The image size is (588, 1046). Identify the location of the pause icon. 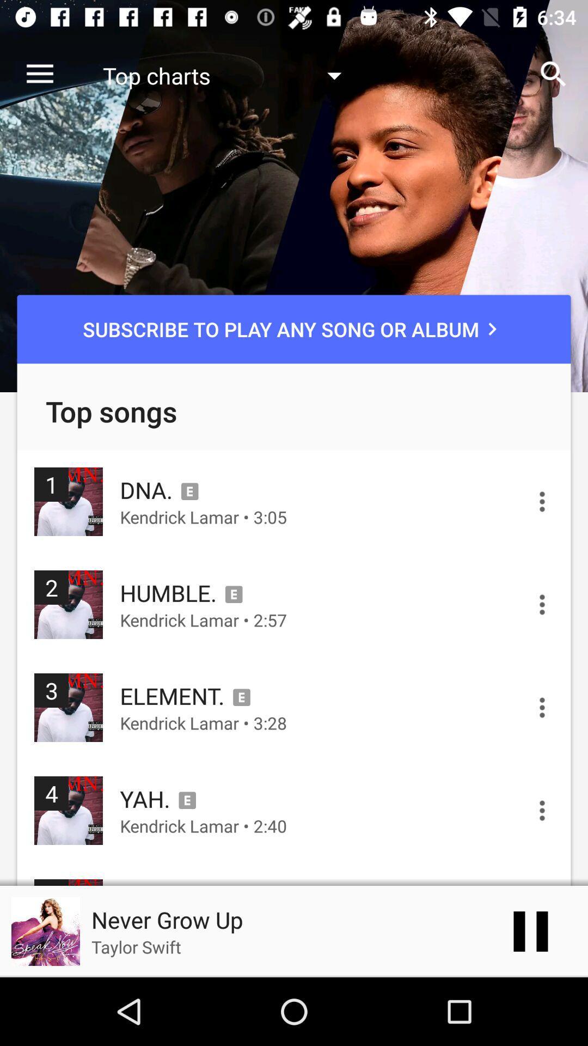
(530, 931).